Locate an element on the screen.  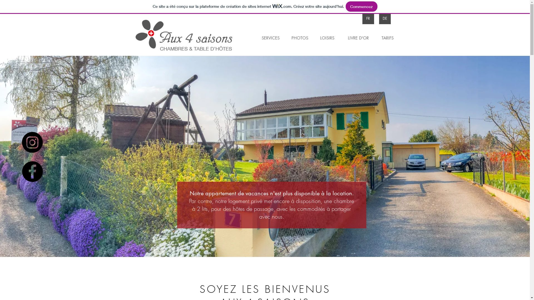
'FR' is located at coordinates (368, 18).